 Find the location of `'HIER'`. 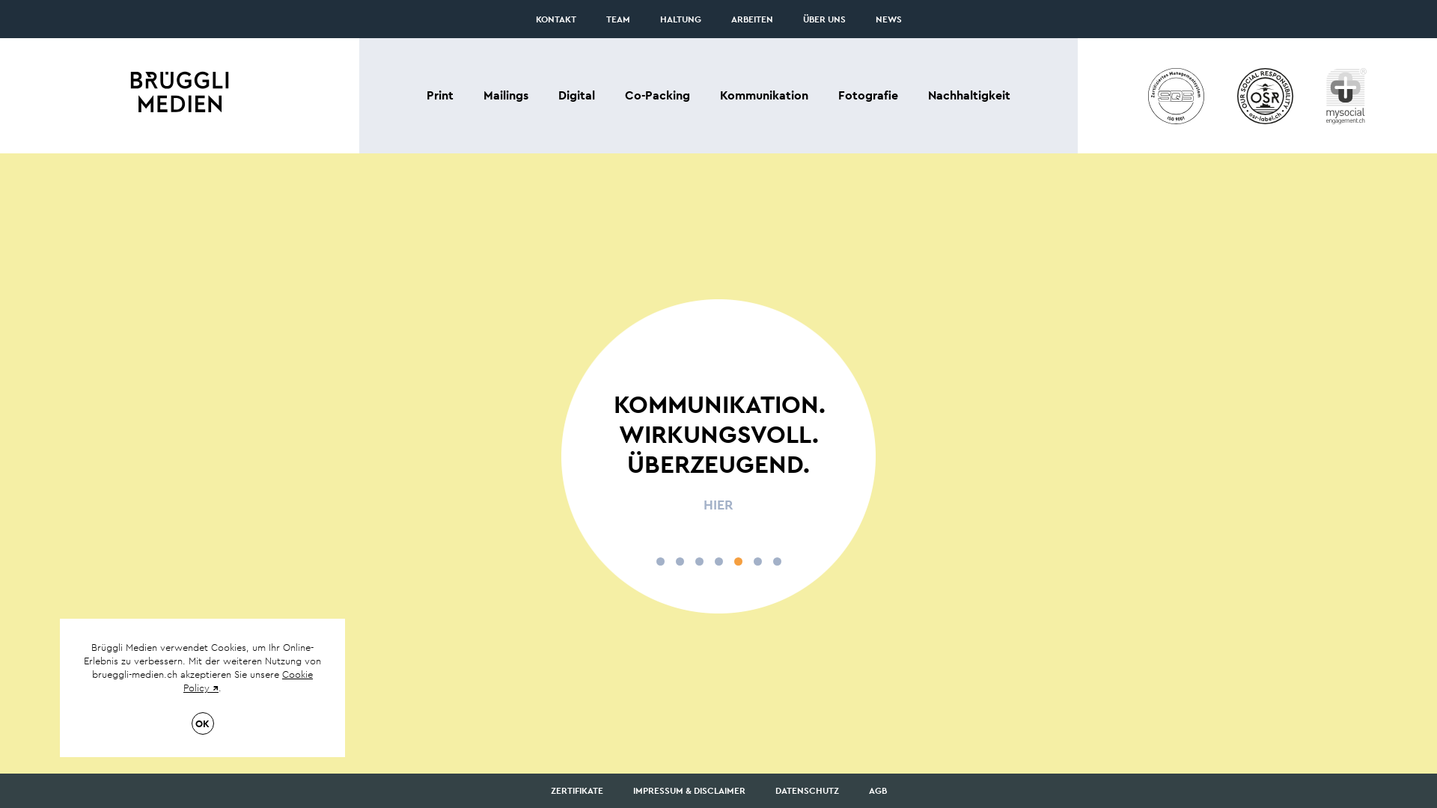

'HIER' is located at coordinates (718, 505).